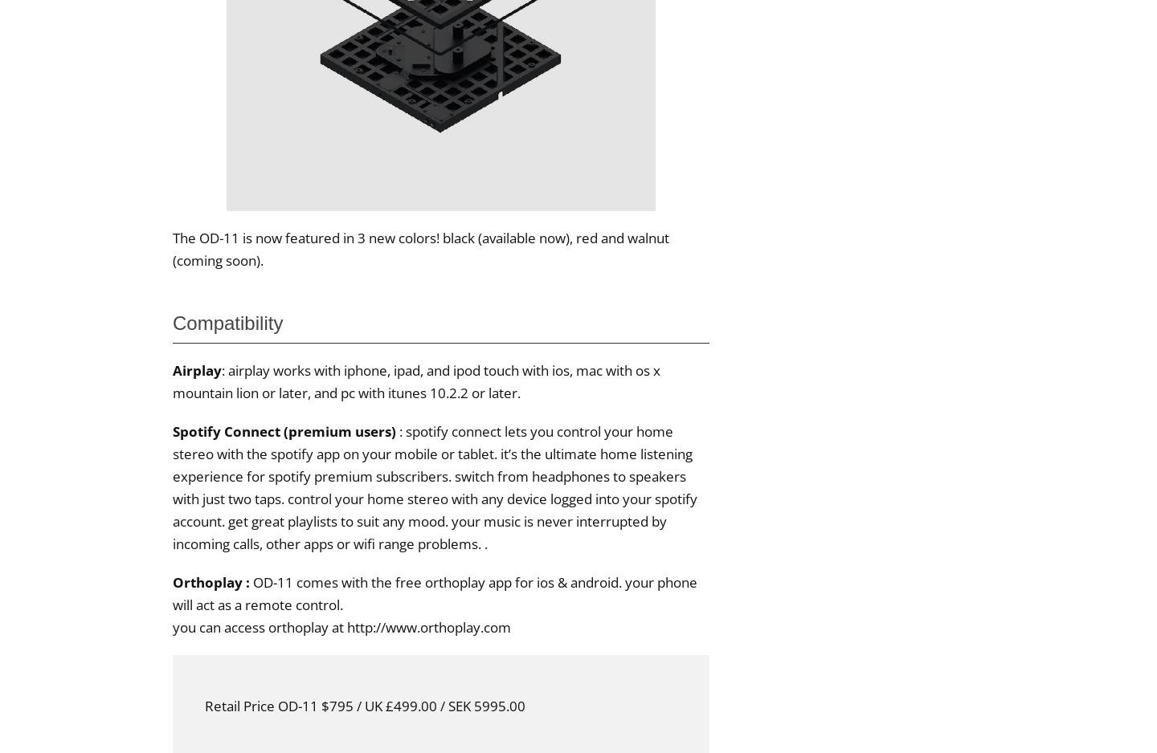 The width and height of the screenshot is (1157, 753). What do you see at coordinates (211, 580) in the screenshot?
I see `'Orthoplay :'` at bounding box center [211, 580].